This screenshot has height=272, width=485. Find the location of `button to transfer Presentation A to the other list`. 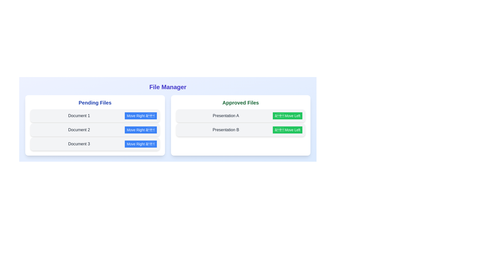

button to transfer Presentation A to the other list is located at coordinates (287, 116).